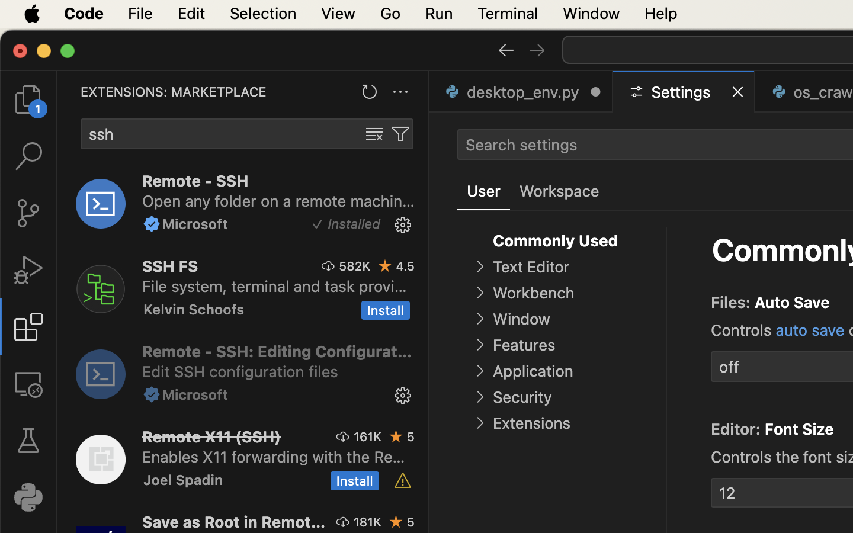  I want to click on '', so click(27, 440).